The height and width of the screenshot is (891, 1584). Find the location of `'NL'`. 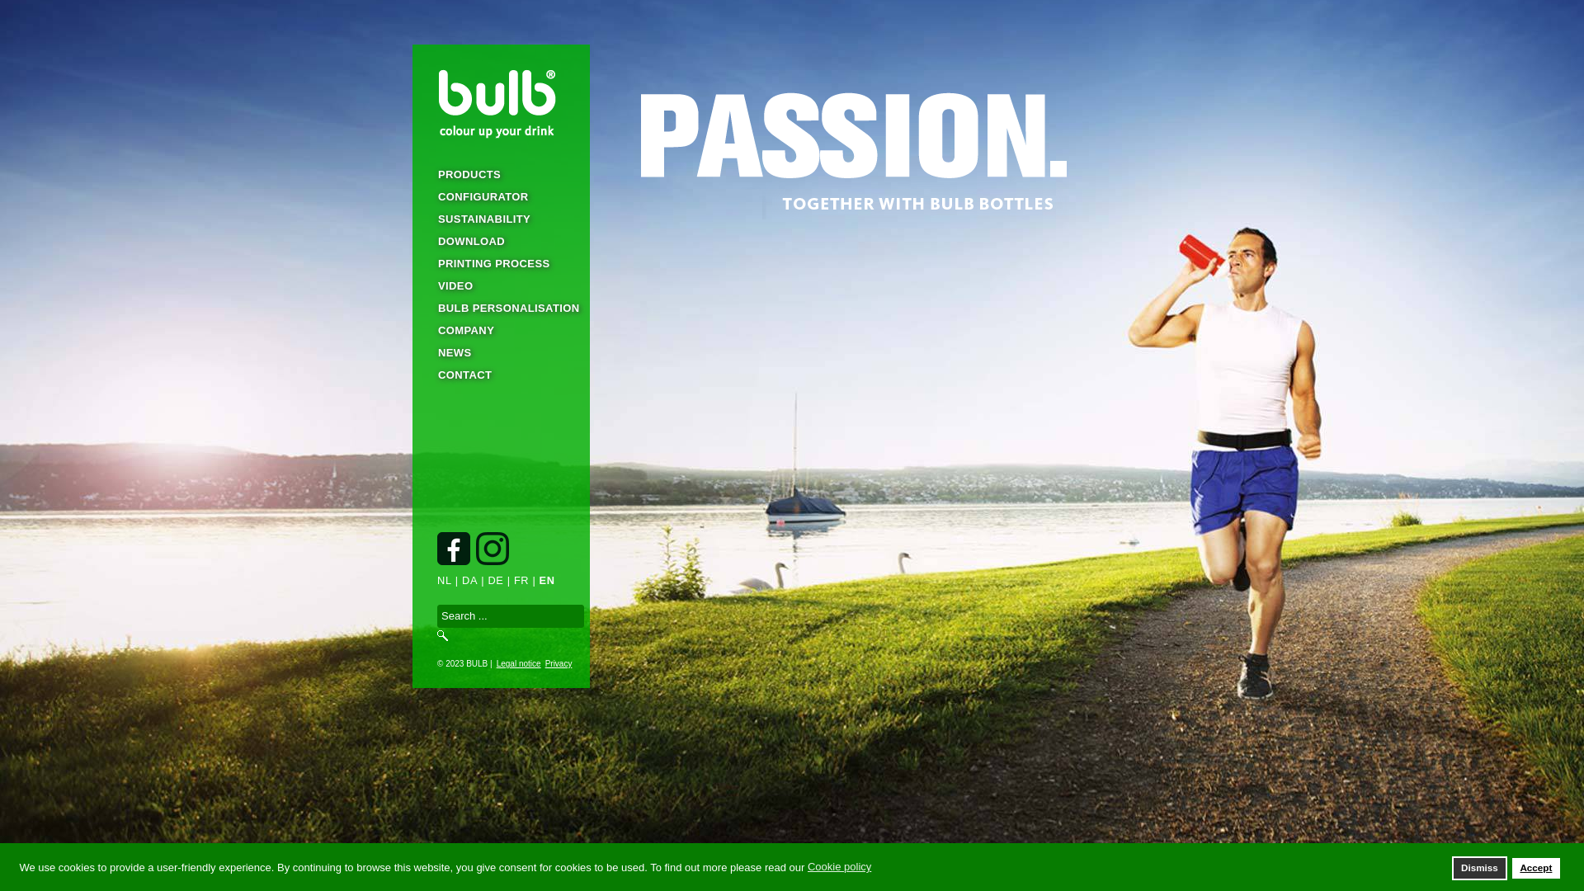

'NL' is located at coordinates (444, 579).